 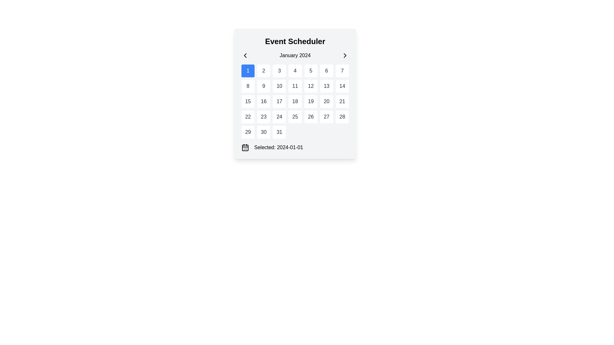 I want to click on the leftward-facing chevron icon, so click(x=245, y=55).